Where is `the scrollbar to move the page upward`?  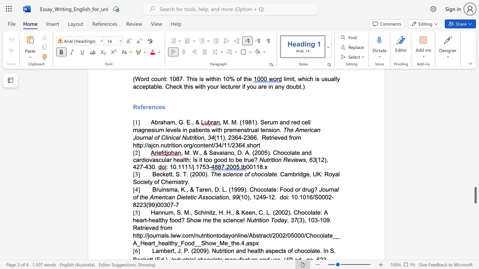 the scrollbar to move the page upward is located at coordinates (475, 168).